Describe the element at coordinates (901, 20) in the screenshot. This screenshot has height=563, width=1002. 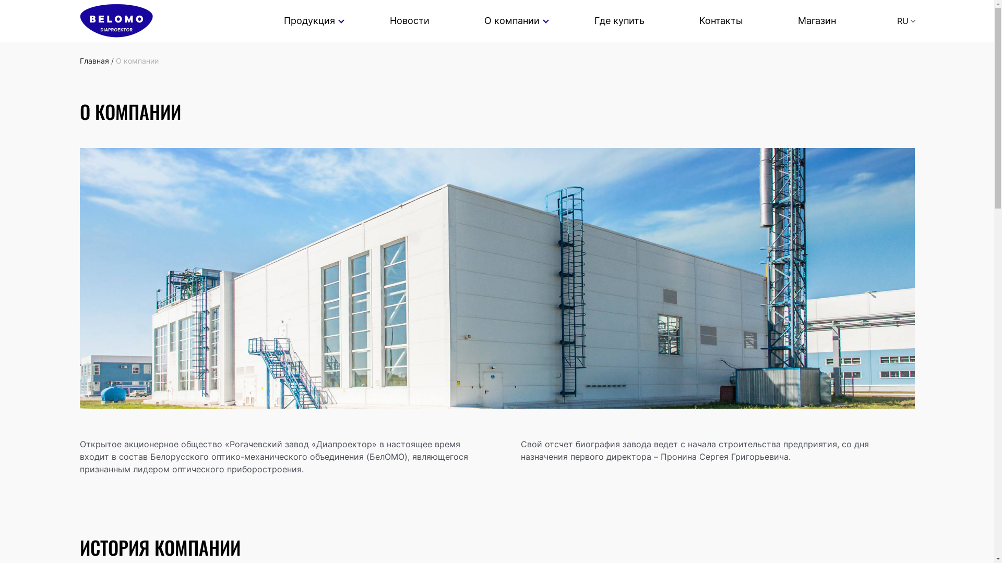
I see `'RU'` at that location.